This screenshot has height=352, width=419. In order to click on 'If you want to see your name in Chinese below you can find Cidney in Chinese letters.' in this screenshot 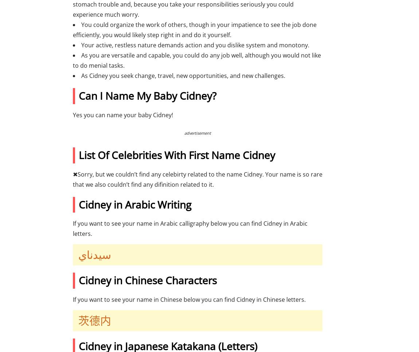, I will do `click(189, 299)`.